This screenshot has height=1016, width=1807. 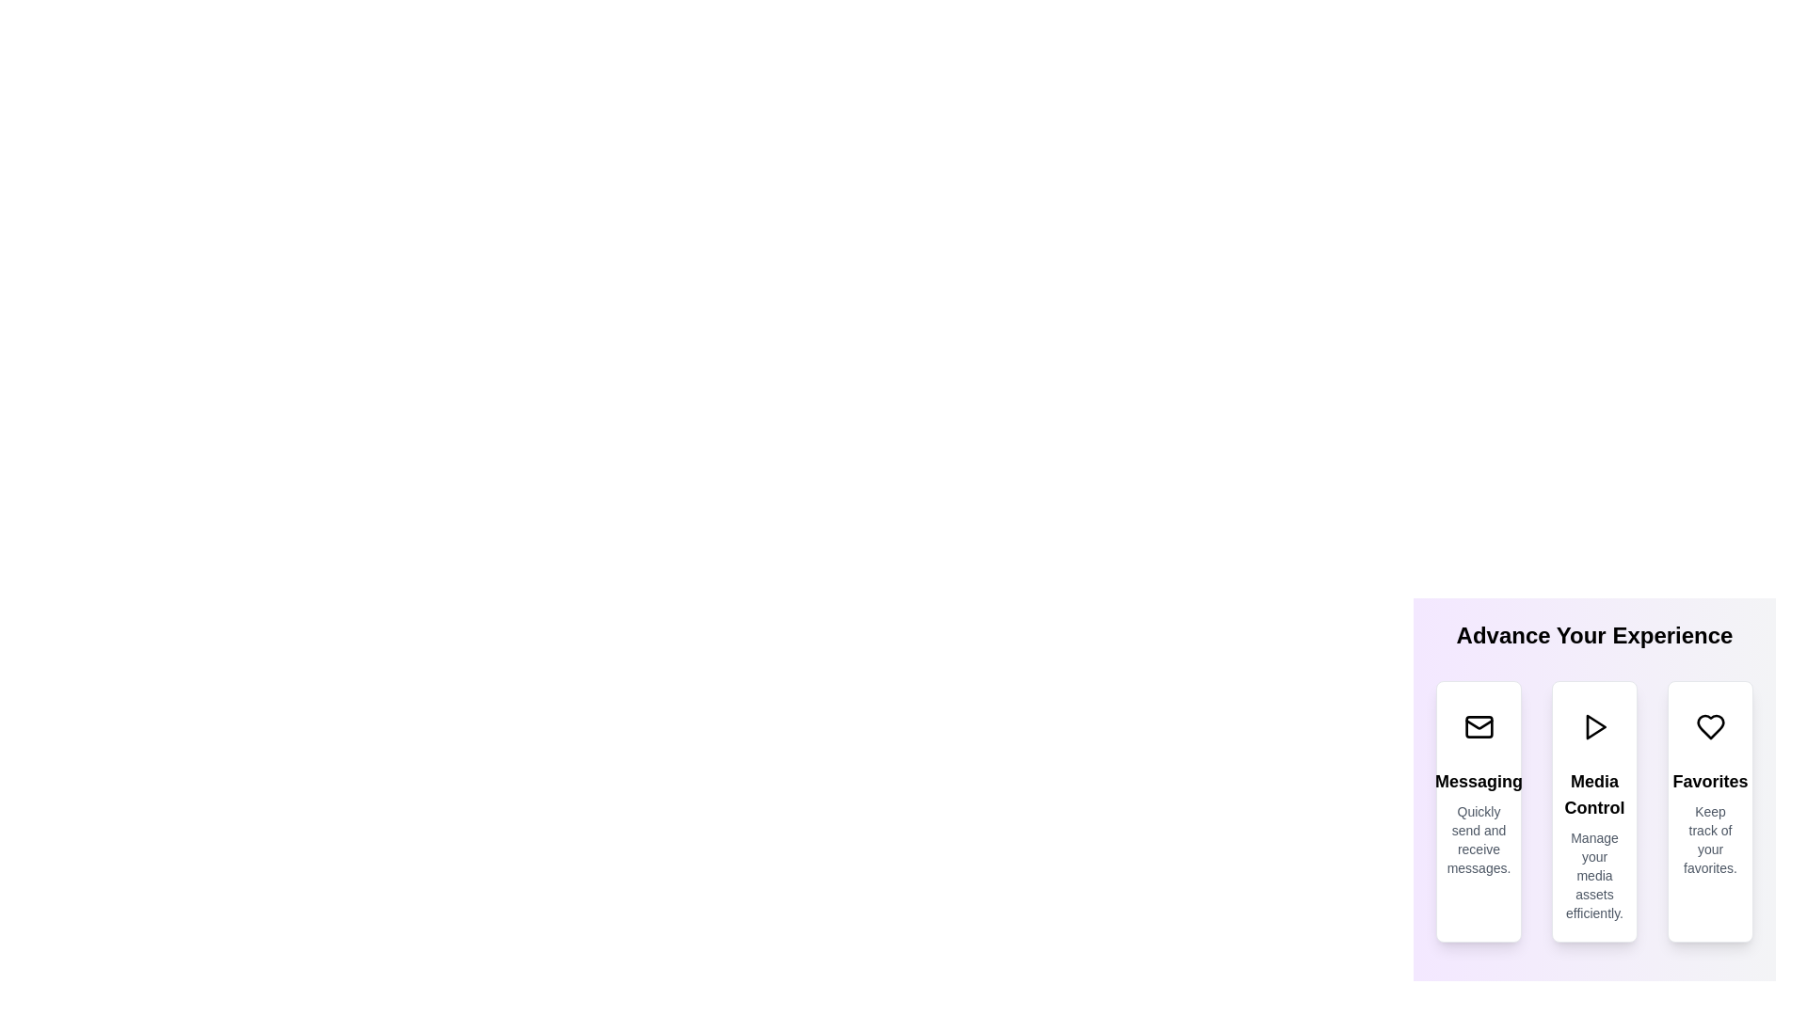 I want to click on the 'Media Control' panel, which features a bold black title and a green play icon, so click(x=1593, y=778).